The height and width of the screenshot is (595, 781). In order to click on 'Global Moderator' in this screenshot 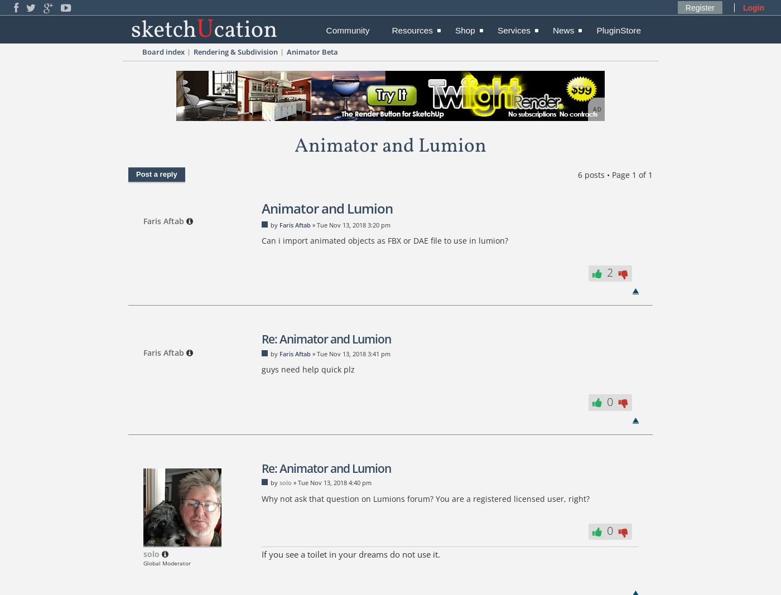, I will do `click(143, 562)`.